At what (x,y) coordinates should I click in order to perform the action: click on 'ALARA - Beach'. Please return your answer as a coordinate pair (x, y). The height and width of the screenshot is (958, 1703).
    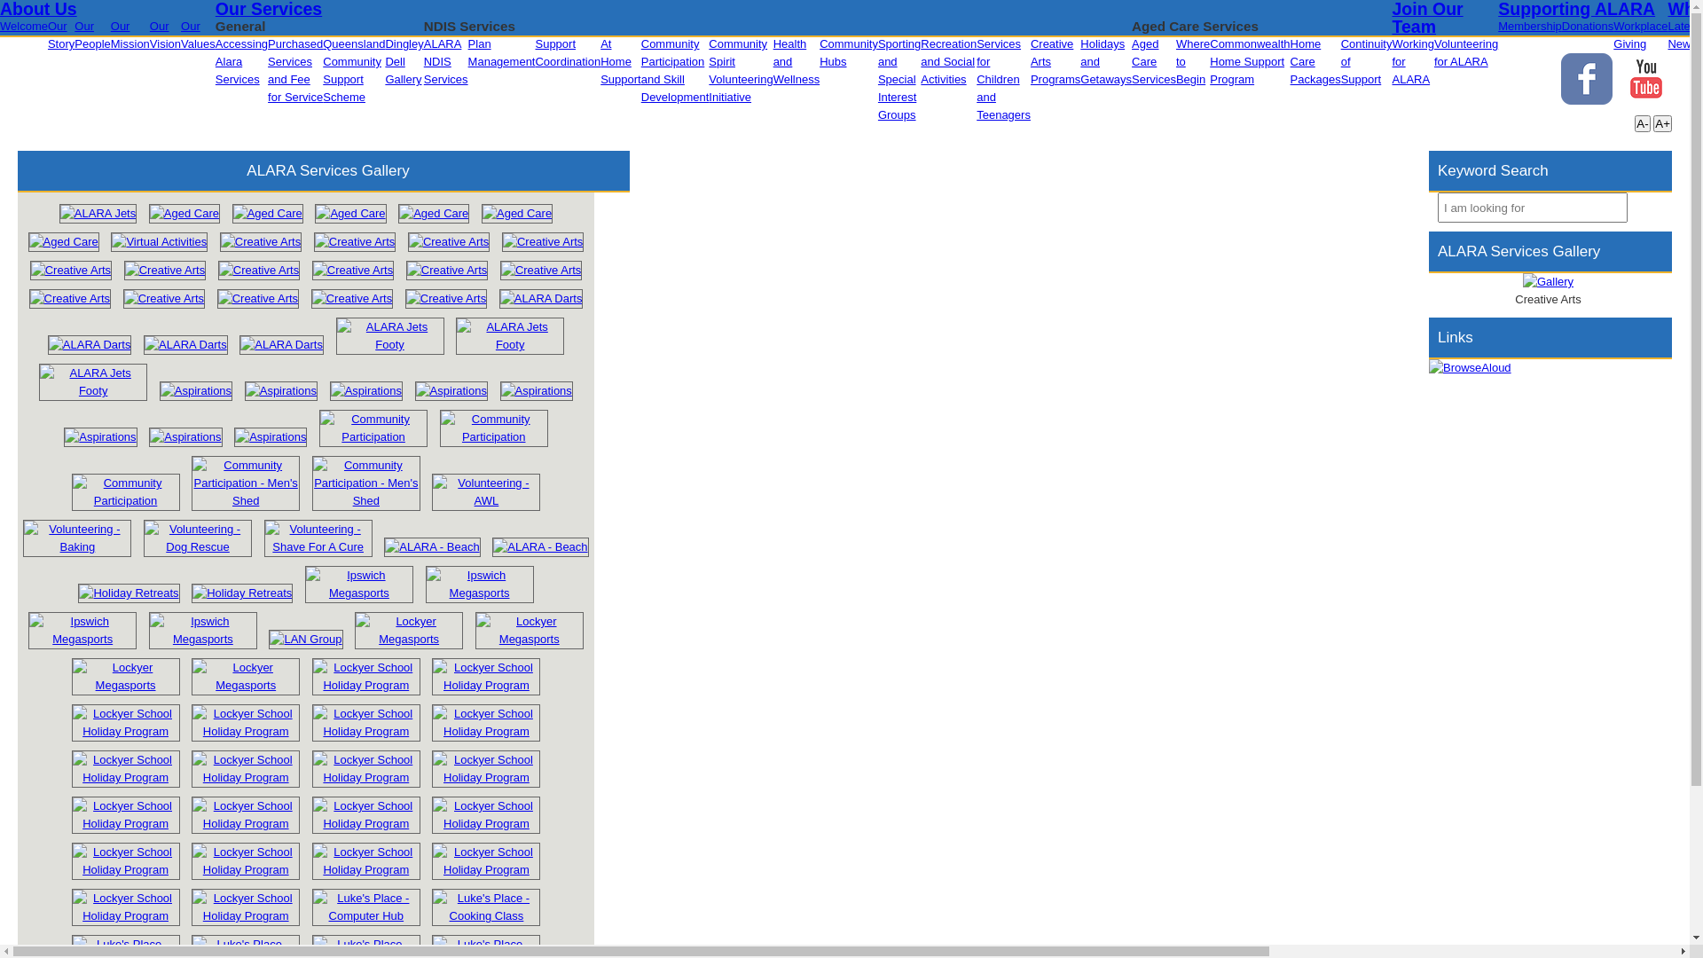
    Looking at the image, I should click on (492, 546).